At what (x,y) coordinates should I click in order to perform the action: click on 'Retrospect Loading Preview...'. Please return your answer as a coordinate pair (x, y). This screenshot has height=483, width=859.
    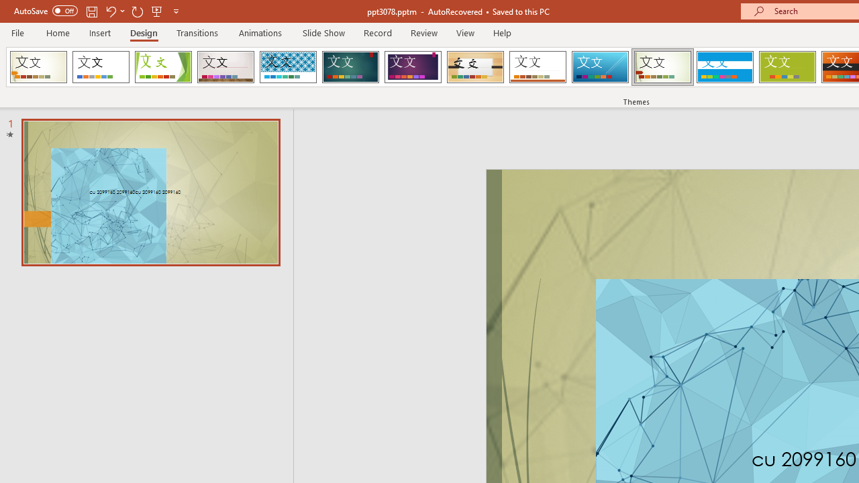
    Looking at the image, I should click on (538, 67).